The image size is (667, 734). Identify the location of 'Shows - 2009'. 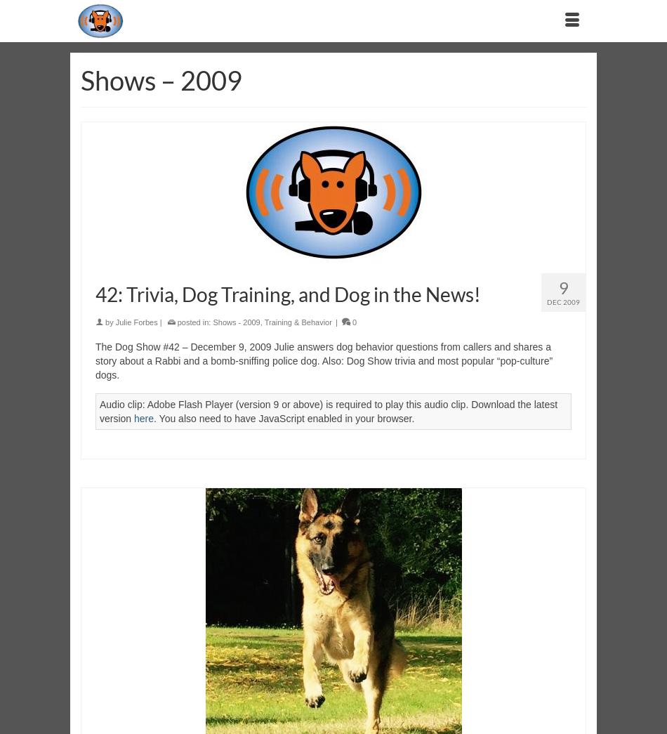
(235, 322).